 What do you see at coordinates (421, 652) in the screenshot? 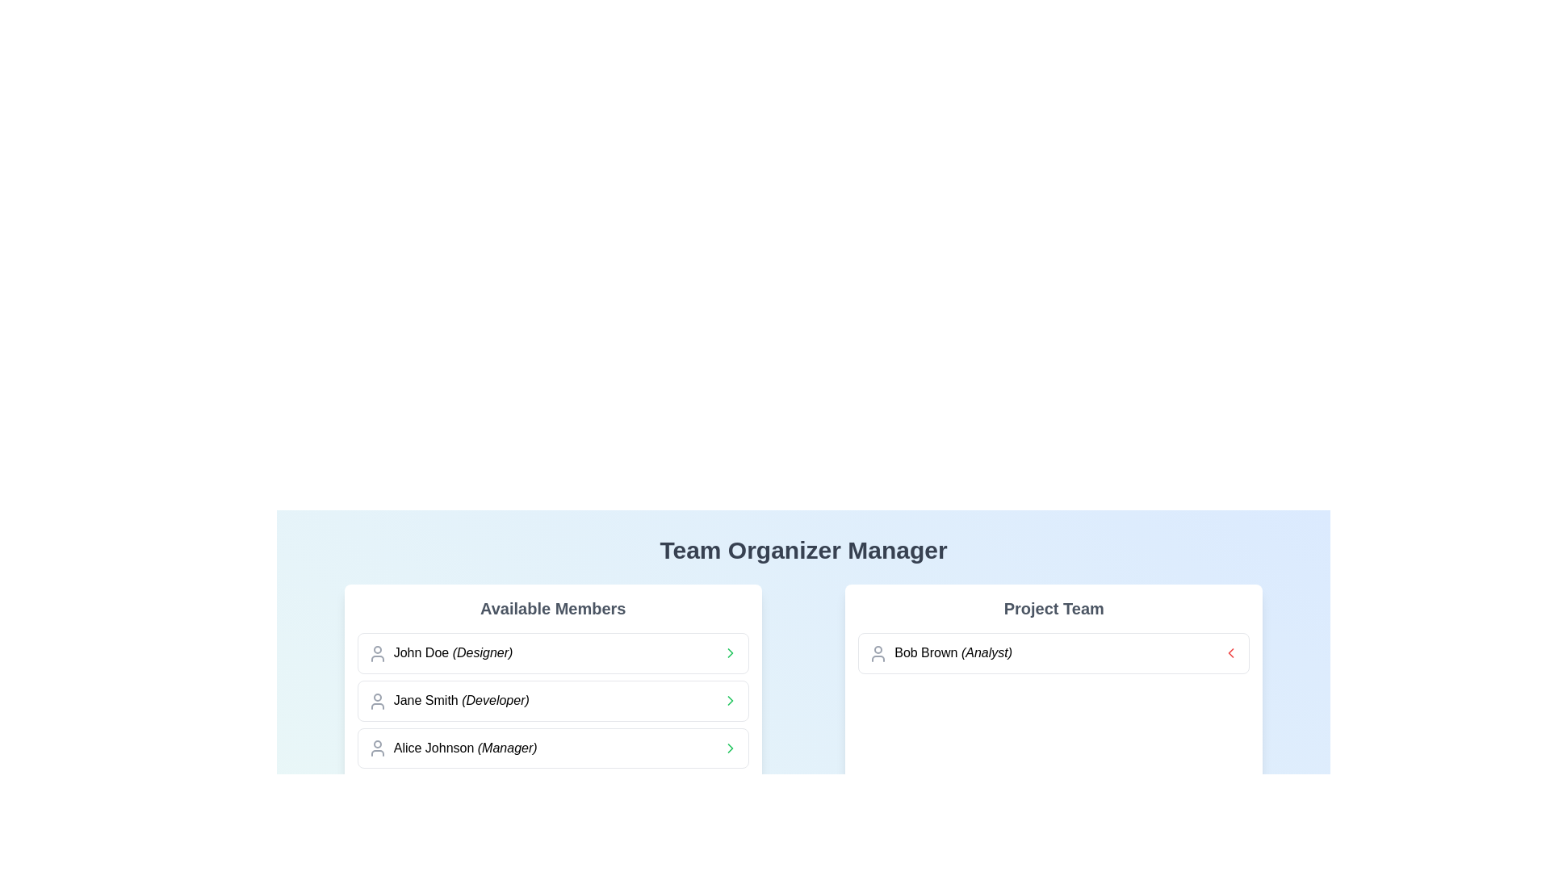
I see `the label displaying the name 'John Doe' in the first entry of the 'Available Members' list, which is positioned to the right of an icon and precedes '(Designer)'` at bounding box center [421, 652].